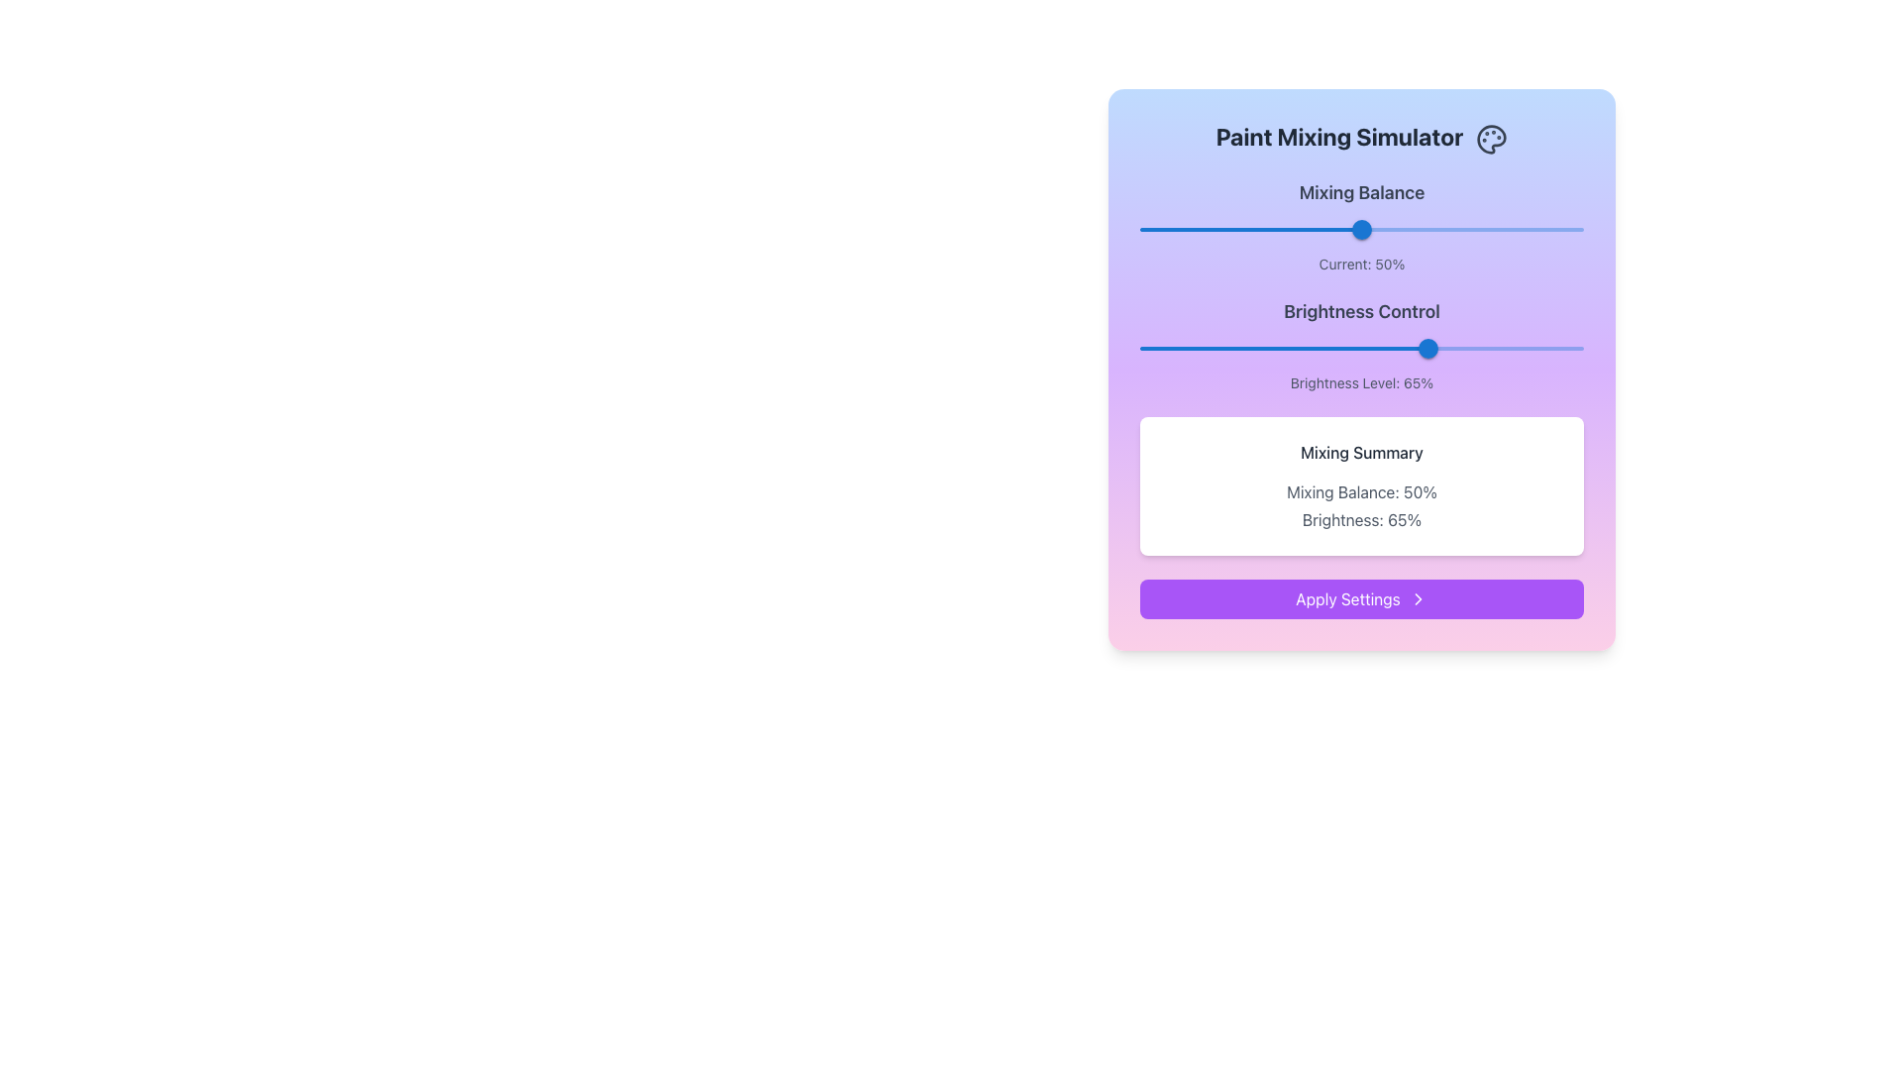  What do you see at coordinates (1573, 228) in the screenshot?
I see `the mixing balance` at bounding box center [1573, 228].